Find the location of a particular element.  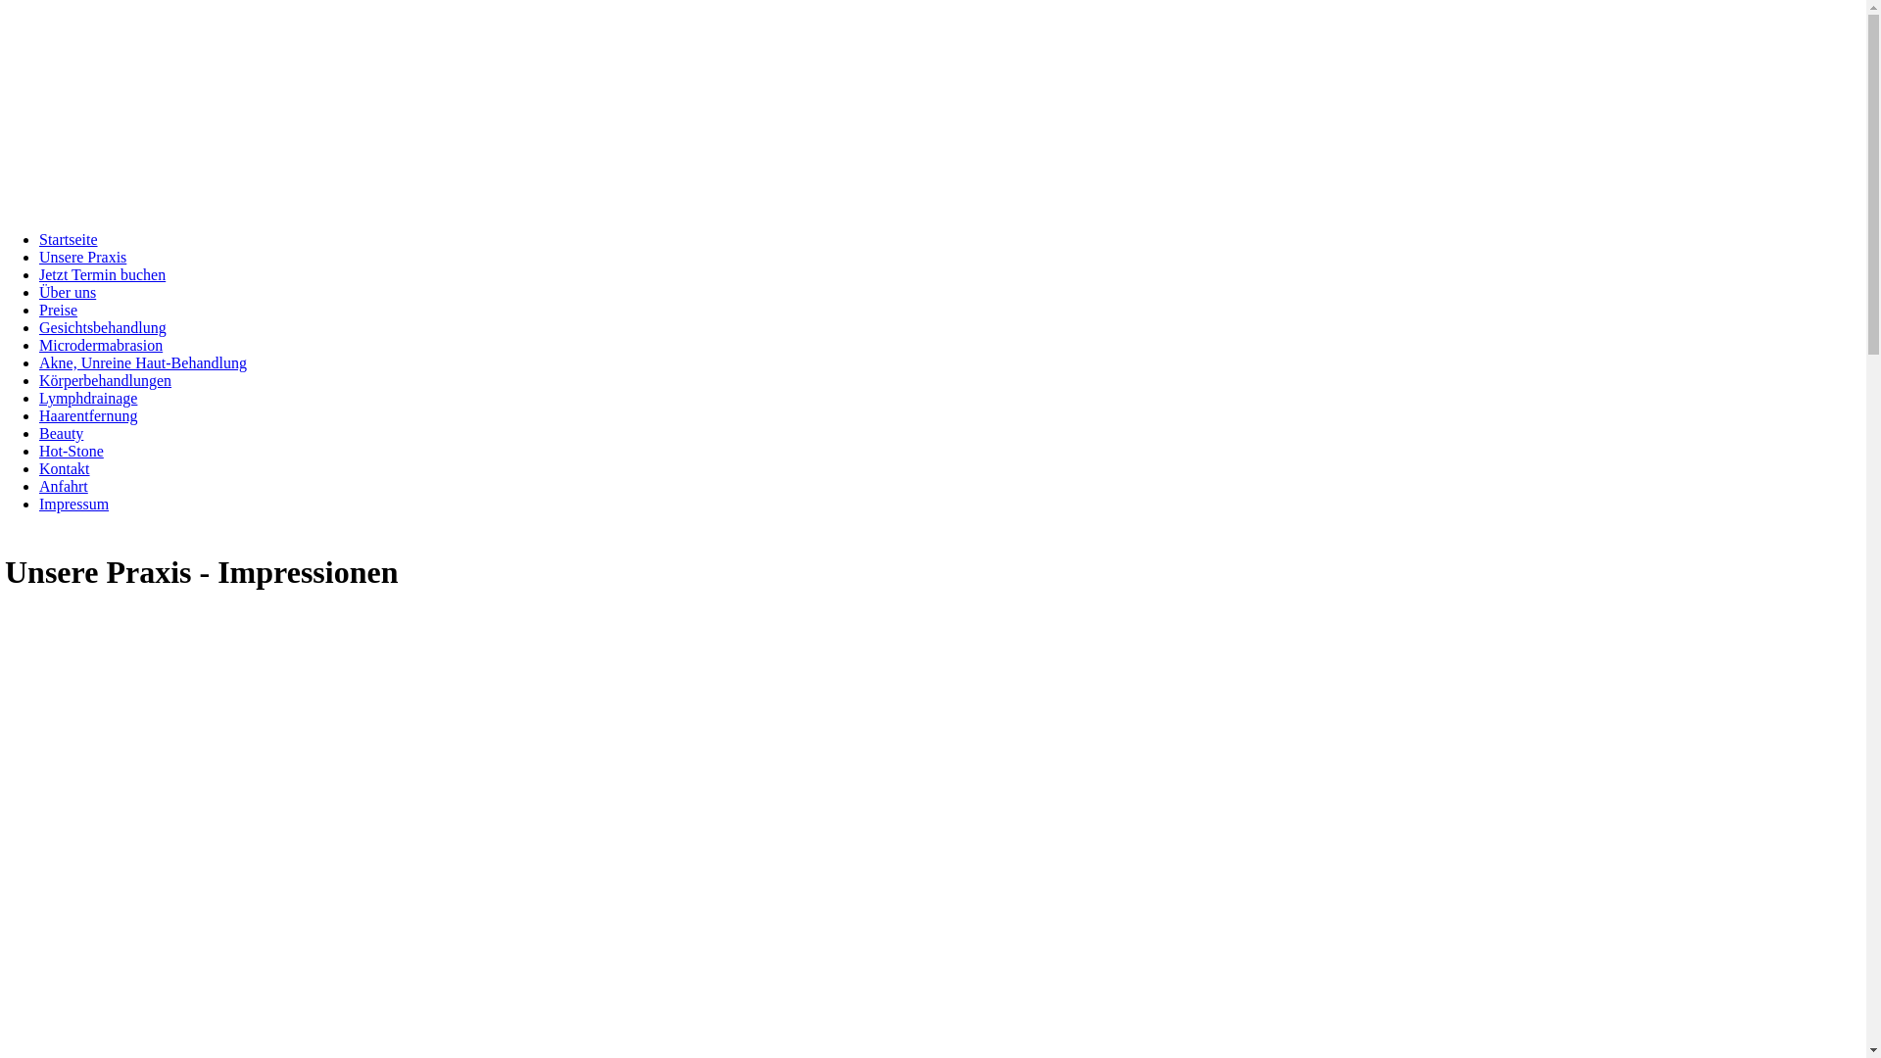

'Kontakt' is located at coordinates (65, 468).